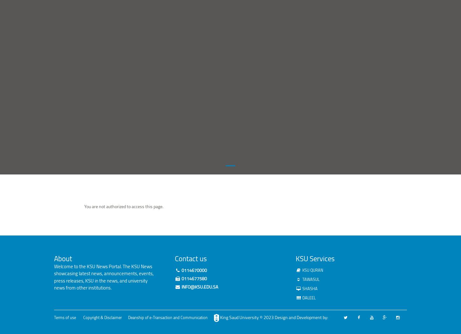  I want to click on 'Exhibitions', so click(138, 42).